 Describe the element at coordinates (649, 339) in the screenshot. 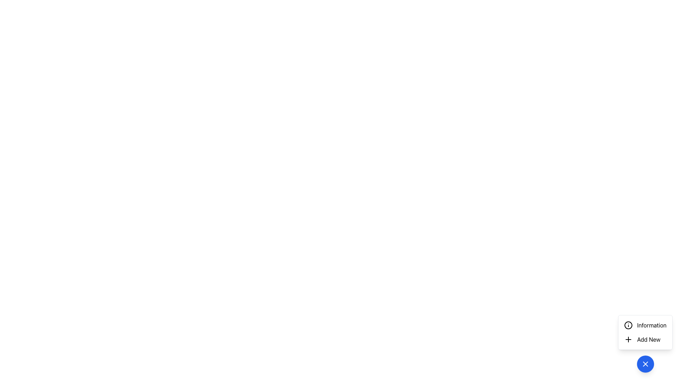

I see `the second button-like text element in the bottom-right corner pop-up menu` at that location.